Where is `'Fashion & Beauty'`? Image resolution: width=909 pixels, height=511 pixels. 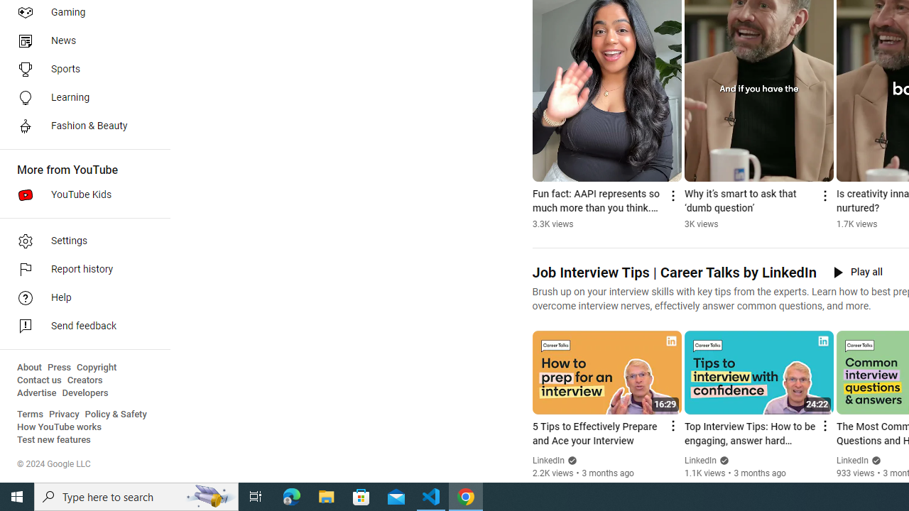 'Fashion & Beauty' is located at coordinates (80, 125).